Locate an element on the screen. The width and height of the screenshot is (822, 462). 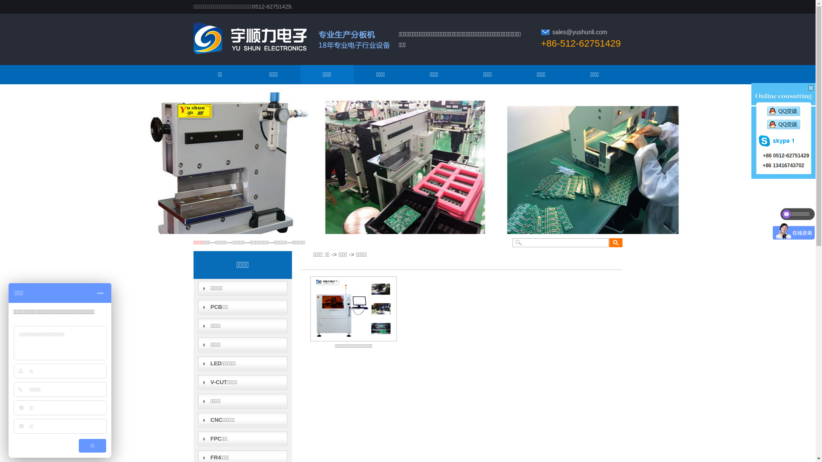
'sales@yushunli.com' is located at coordinates (552, 31).